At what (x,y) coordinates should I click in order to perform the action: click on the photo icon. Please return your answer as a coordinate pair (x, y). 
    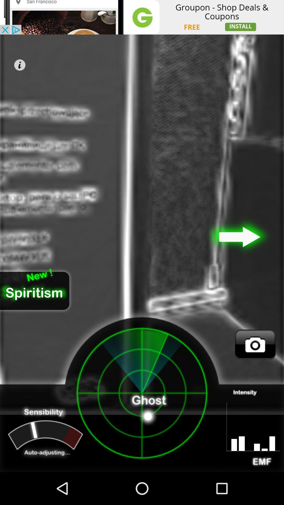
    Looking at the image, I should click on (255, 368).